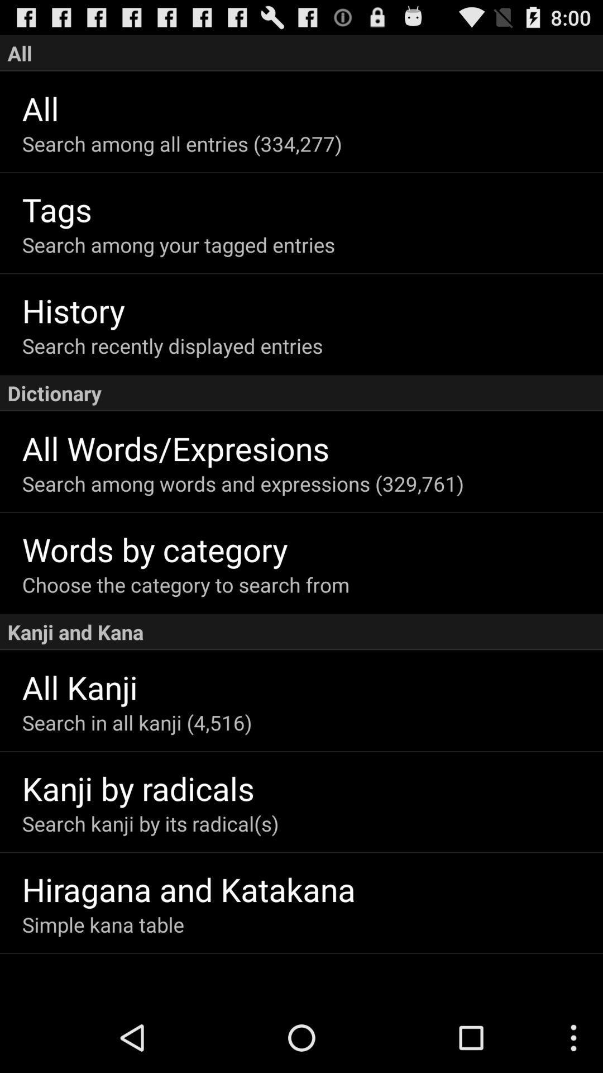 The height and width of the screenshot is (1073, 603). What do you see at coordinates (312, 549) in the screenshot?
I see `icon below the search among words app` at bounding box center [312, 549].